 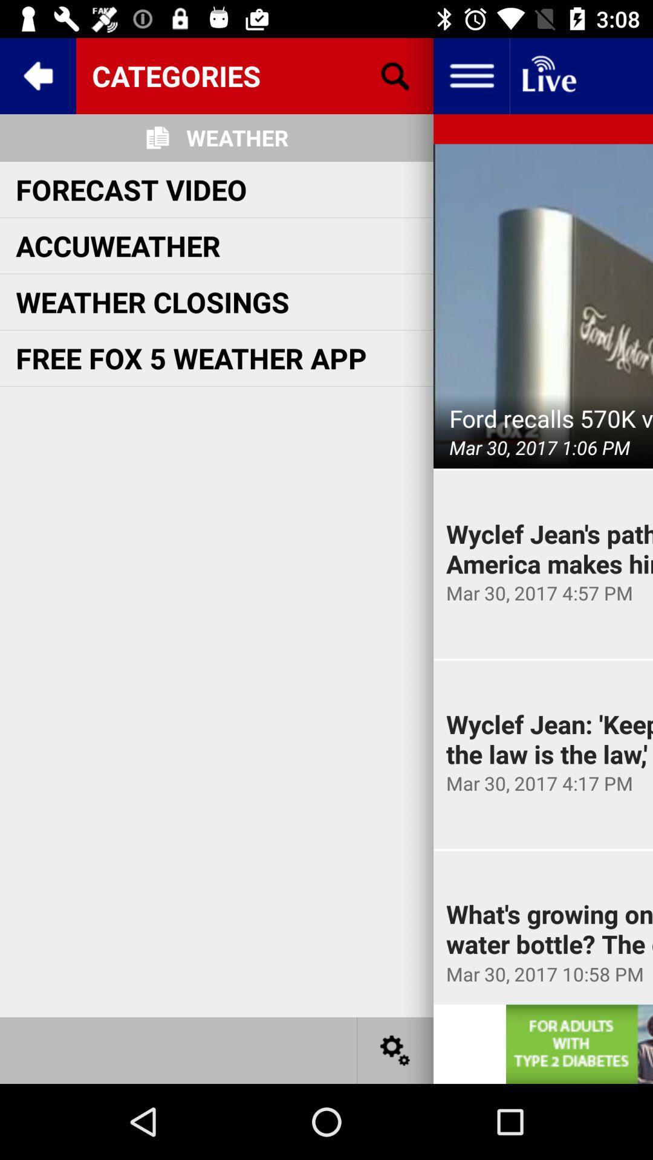 I want to click on click for settings, so click(x=395, y=1049).